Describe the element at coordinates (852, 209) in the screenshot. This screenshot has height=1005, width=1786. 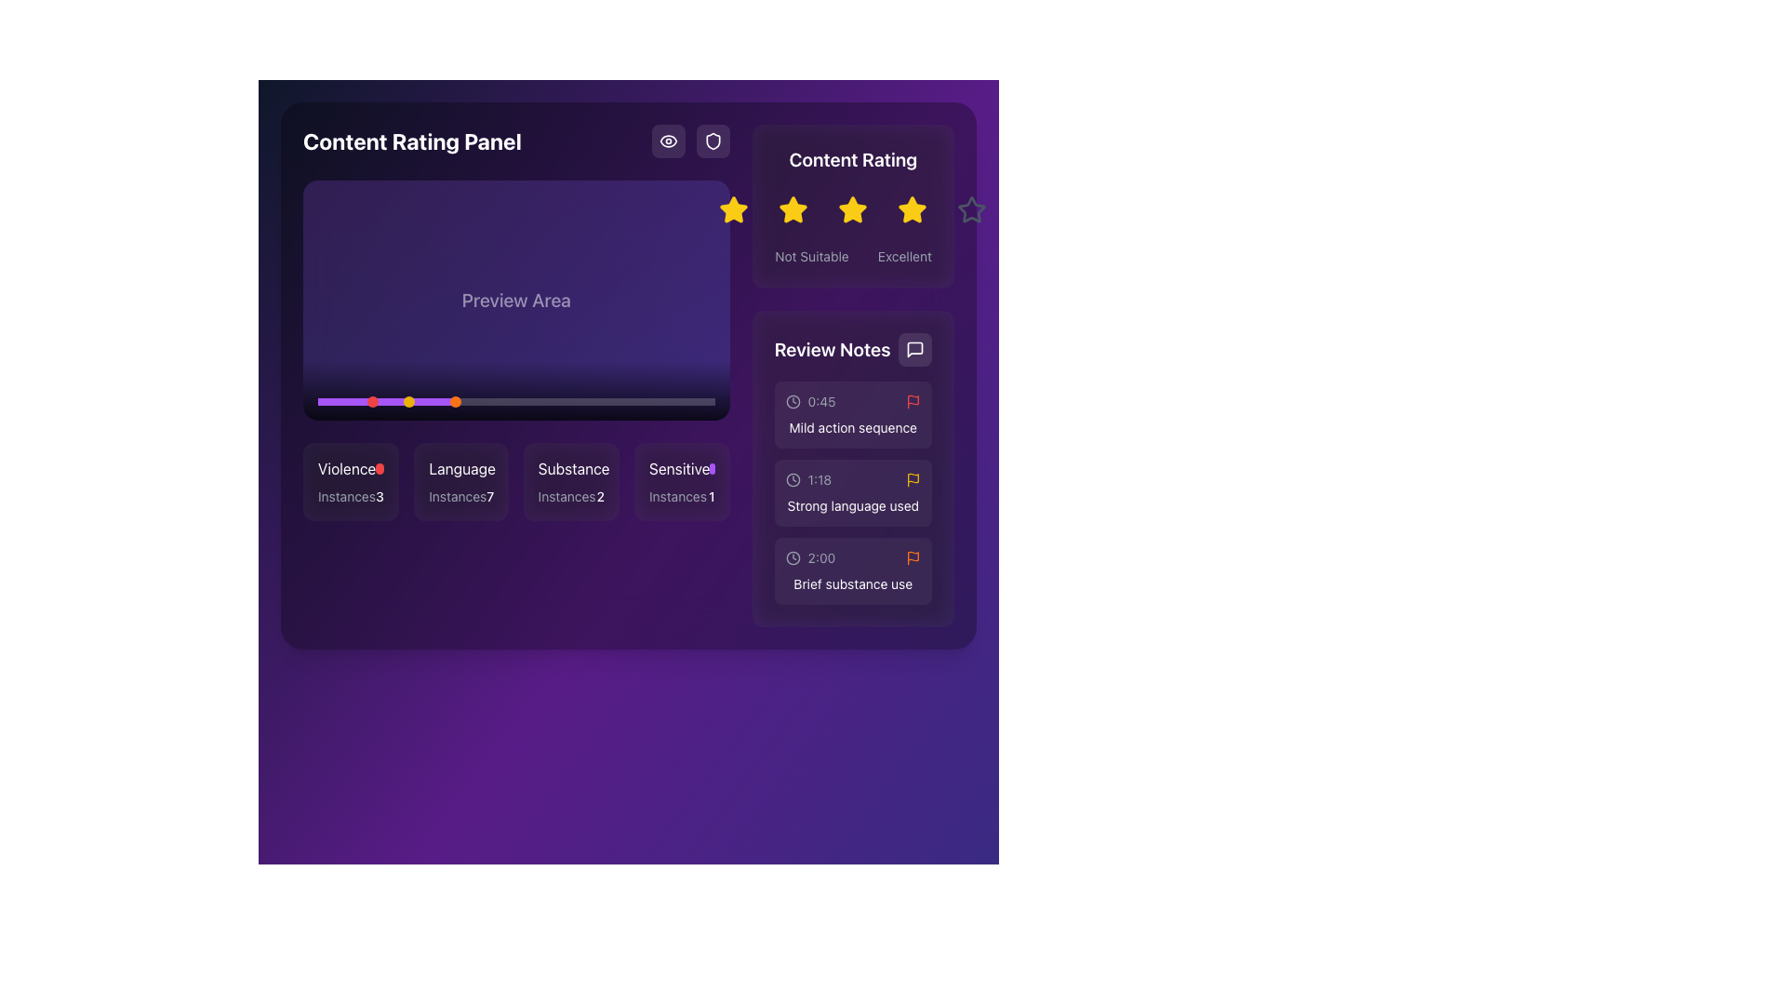
I see `the third yellow star icon in the 'Content Rating' section by tabbing to it` at that location.